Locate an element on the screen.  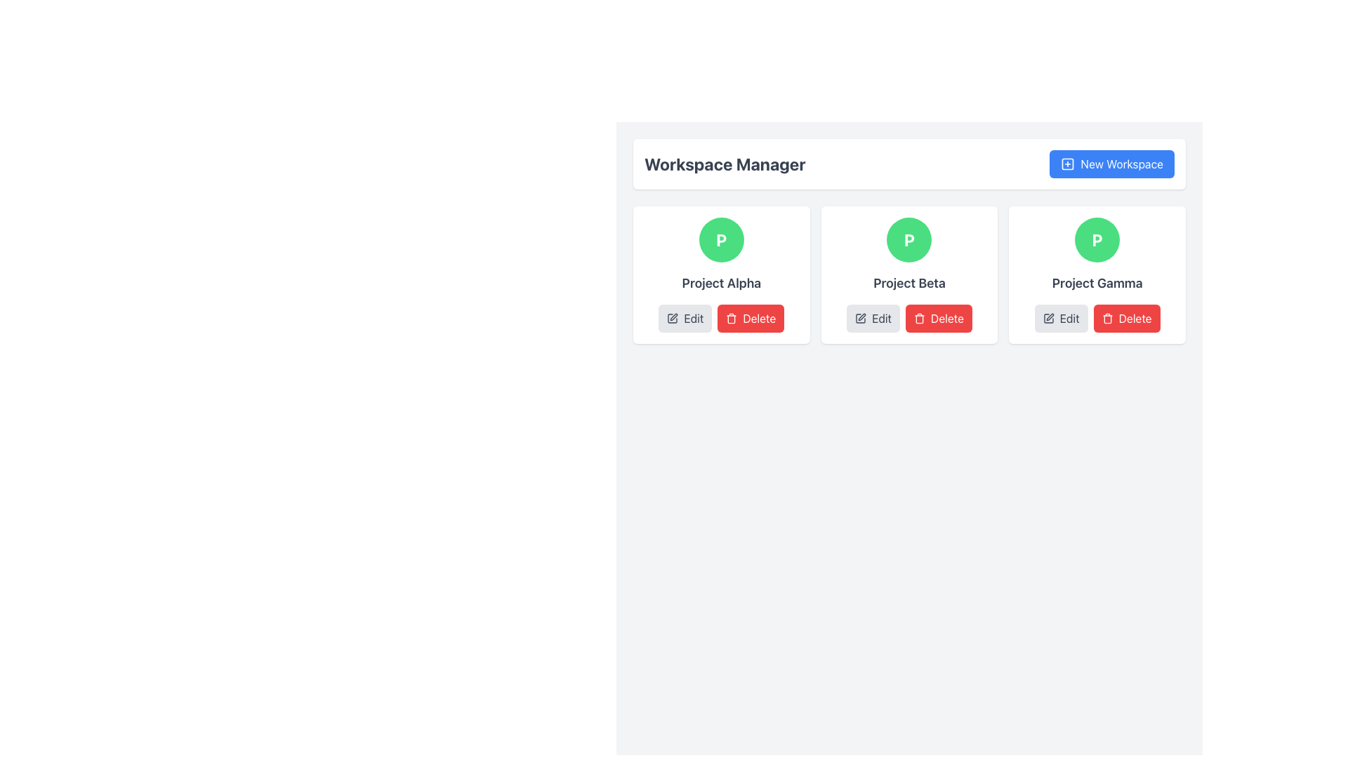
the text label displaying 'Project Alpha', which is centrally located in the first card layout, below the green circular icon with 'P' is located at coordinates (721, 284).